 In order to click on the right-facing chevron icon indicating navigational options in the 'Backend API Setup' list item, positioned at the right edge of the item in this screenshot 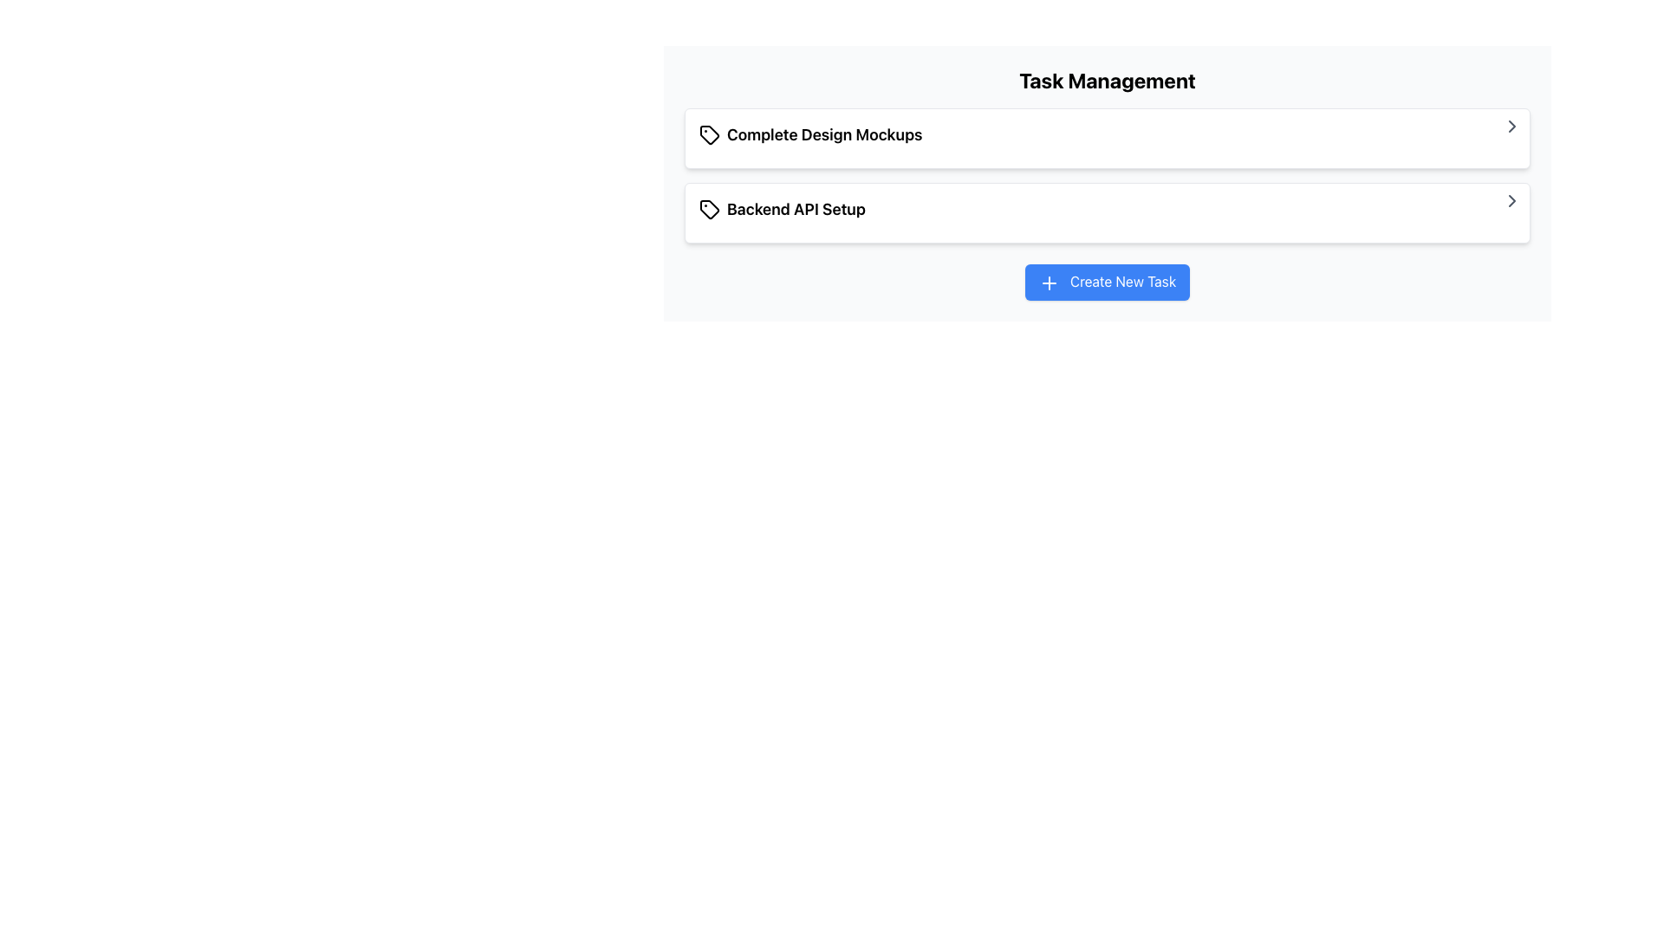, I will do `click(1511, 126)`.